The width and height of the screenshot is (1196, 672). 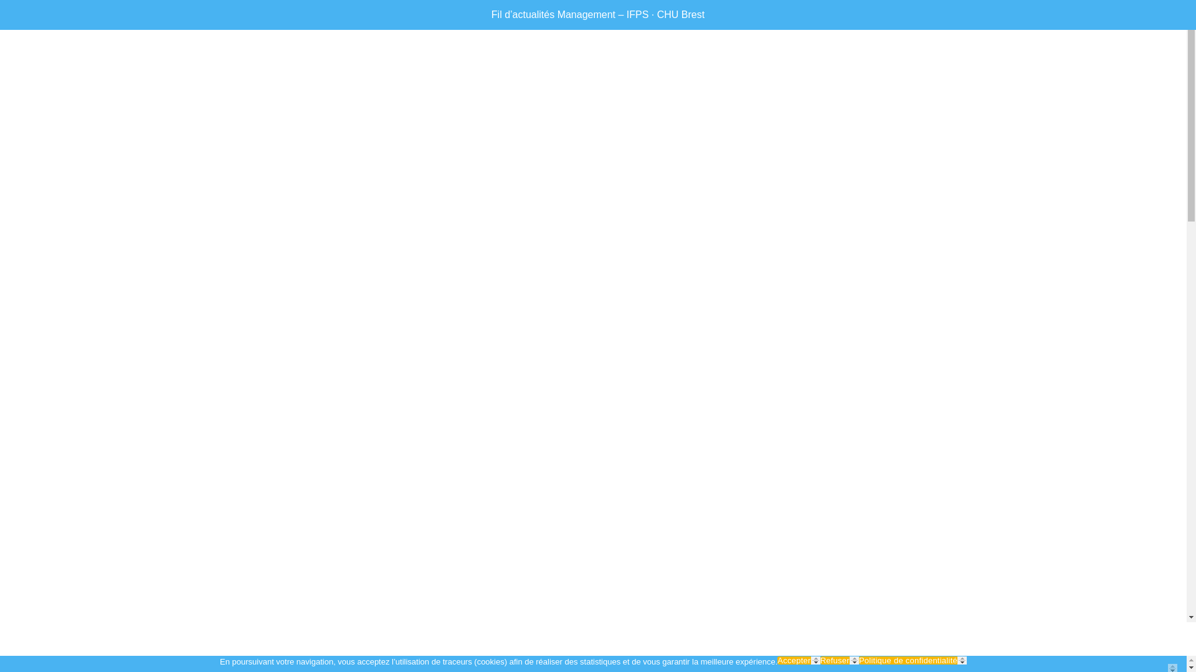 I want to click on 'Refuser', so click(x=840, y=660).